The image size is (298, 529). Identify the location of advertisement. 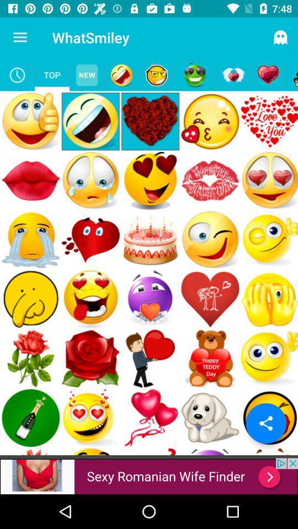
(149, 476).